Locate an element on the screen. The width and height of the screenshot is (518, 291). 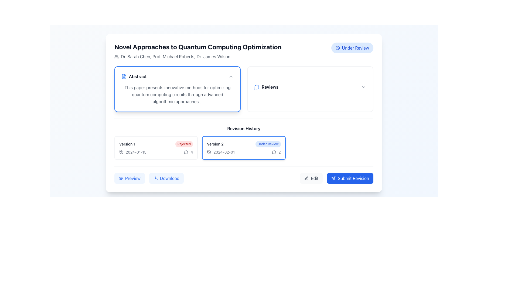
the eye icon represented by an SVG graphic element styled as a line drawing, located in the upper-right section of the user interface is located at coordinates (120, 178).